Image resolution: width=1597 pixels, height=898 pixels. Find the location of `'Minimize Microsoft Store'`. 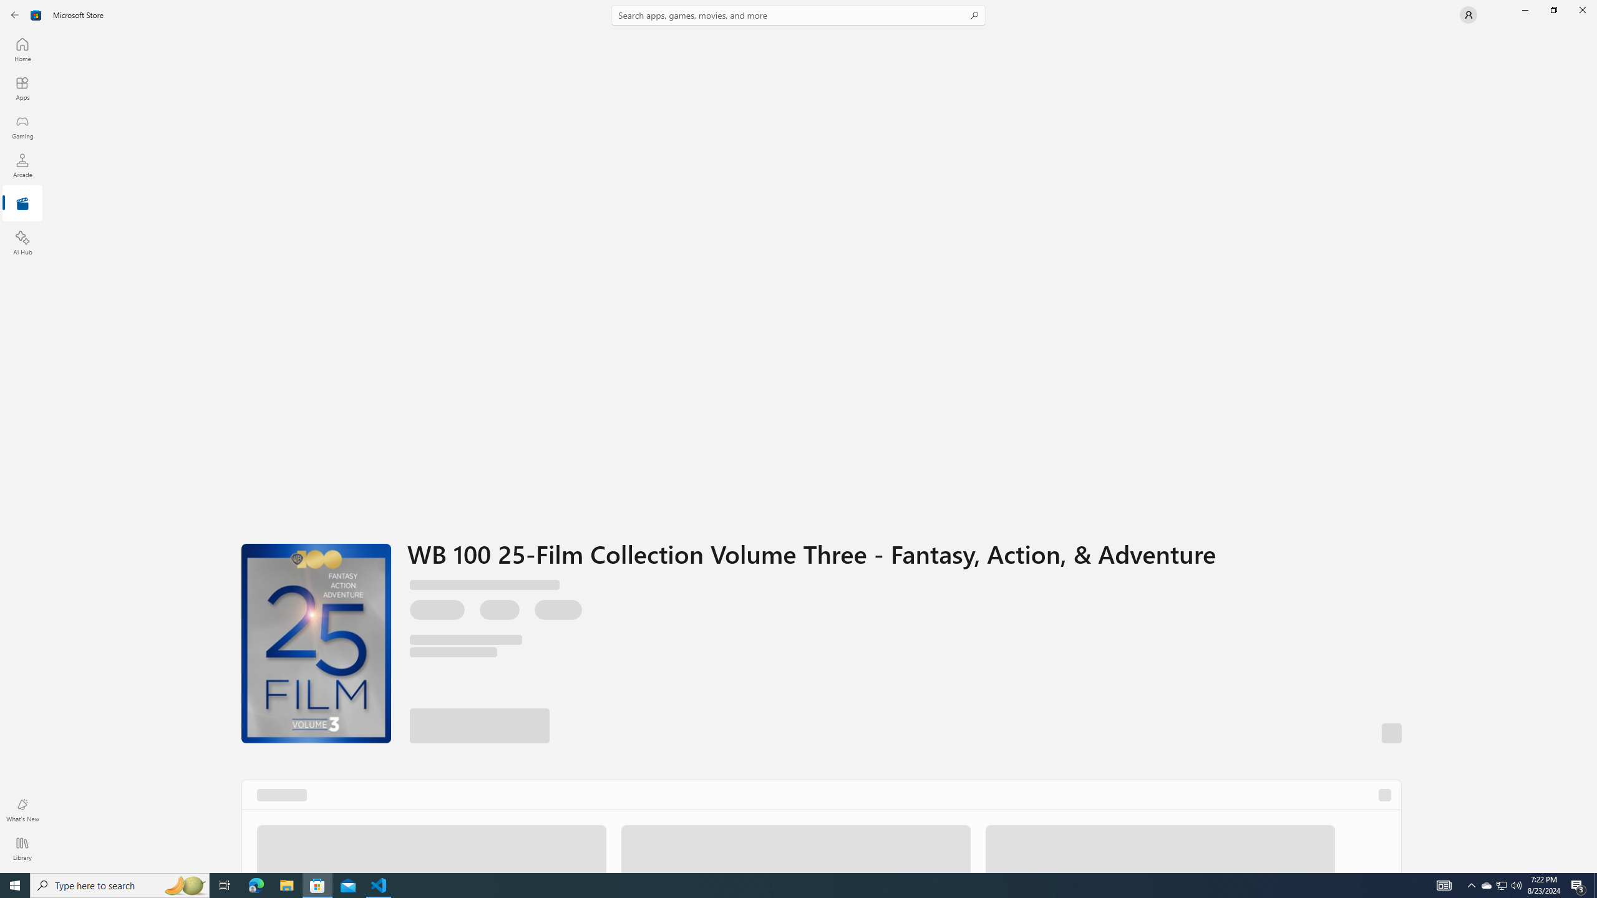

'Minimize Microsoft Store' is located at coordinates (1524, 9).